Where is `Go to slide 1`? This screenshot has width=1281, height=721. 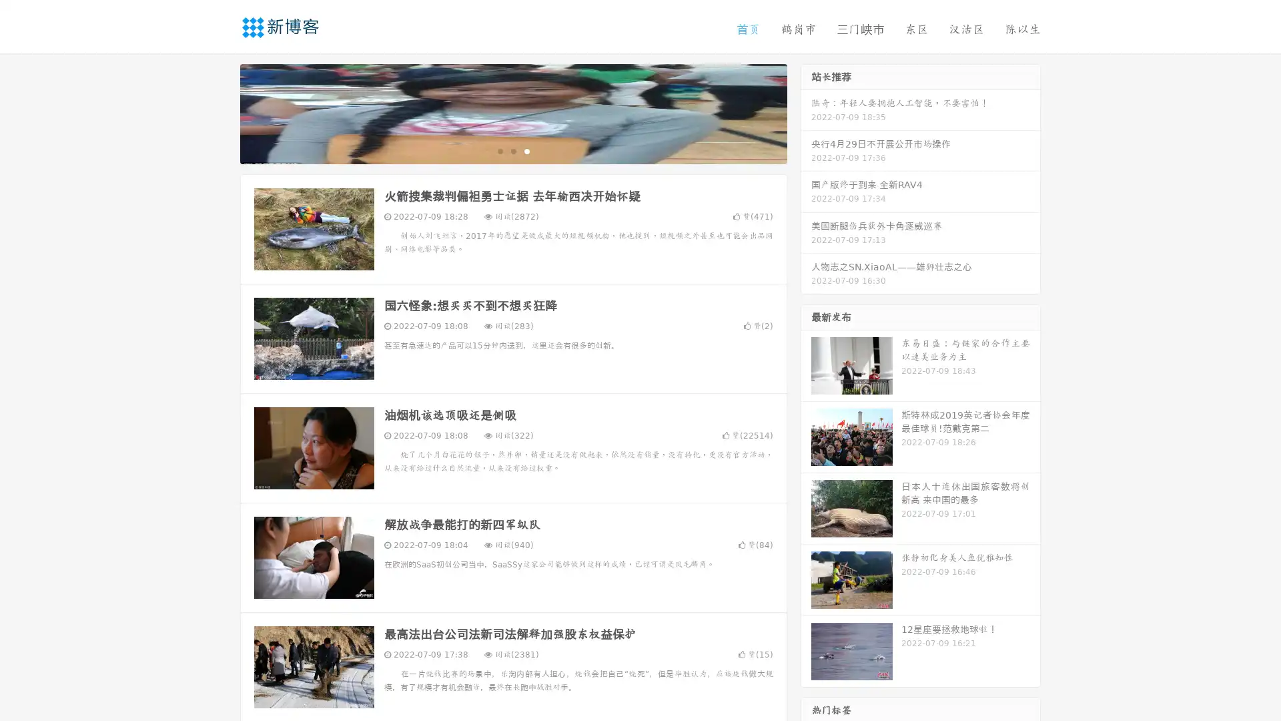 Go to slide 1 is located at coordinates (499, 150).